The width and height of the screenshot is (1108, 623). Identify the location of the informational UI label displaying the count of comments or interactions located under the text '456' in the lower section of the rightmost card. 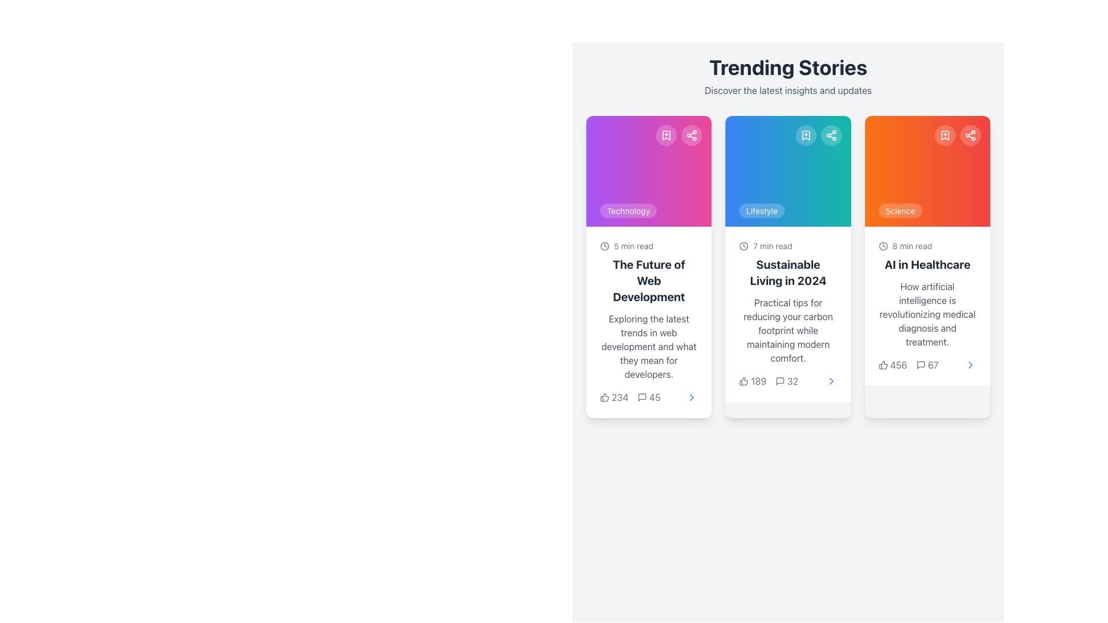
(927, 365).